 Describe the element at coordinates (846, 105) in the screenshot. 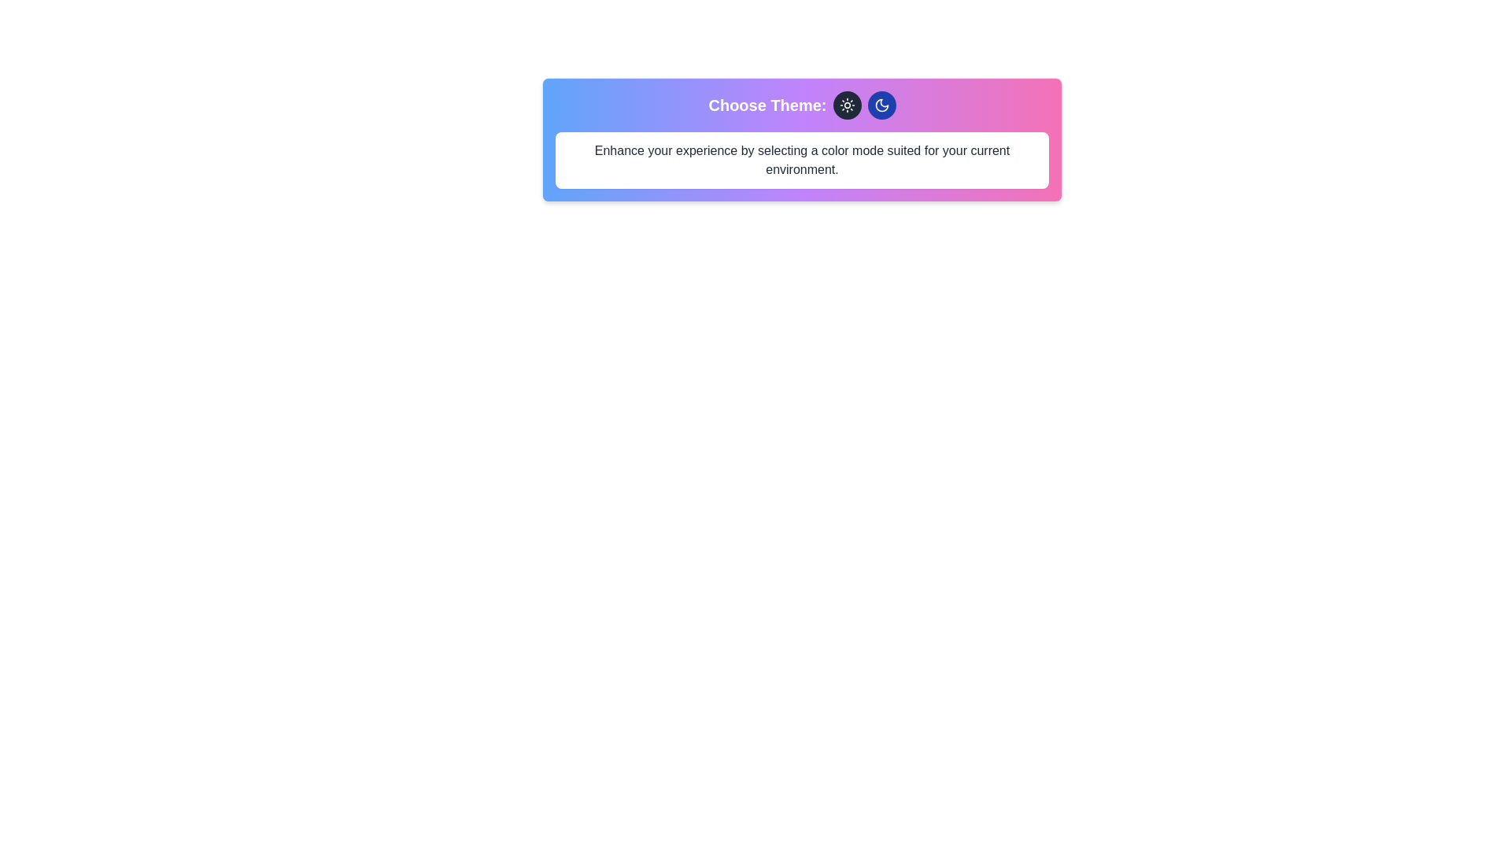

I see `the circular sun icon button located to the left of the moon icon button, positioned towards the top center of the interface above the 'Choose Theme:' label, for keyboard navigation` at that location.